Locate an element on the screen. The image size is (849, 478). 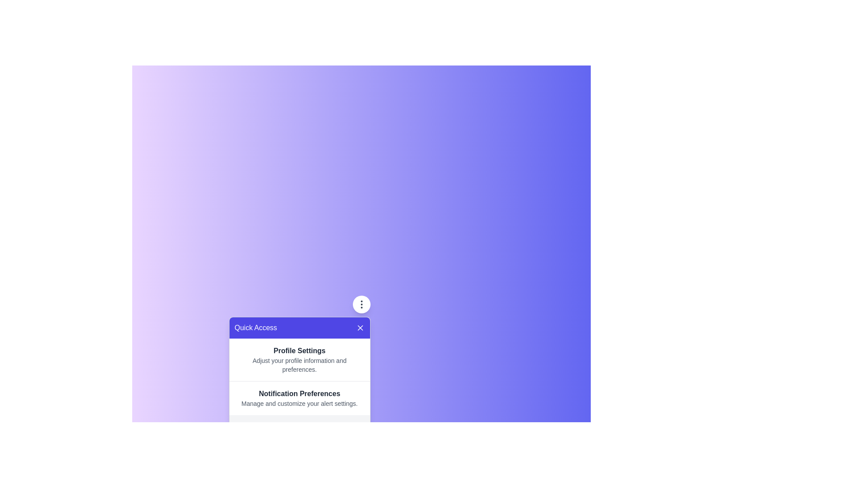
descriptions of the selectable options in the composite list element located beneath the 'Quick Access' section, which includes 'Profile Settings' and 'Notification Preferences.' is located at coordinates (299, 377).